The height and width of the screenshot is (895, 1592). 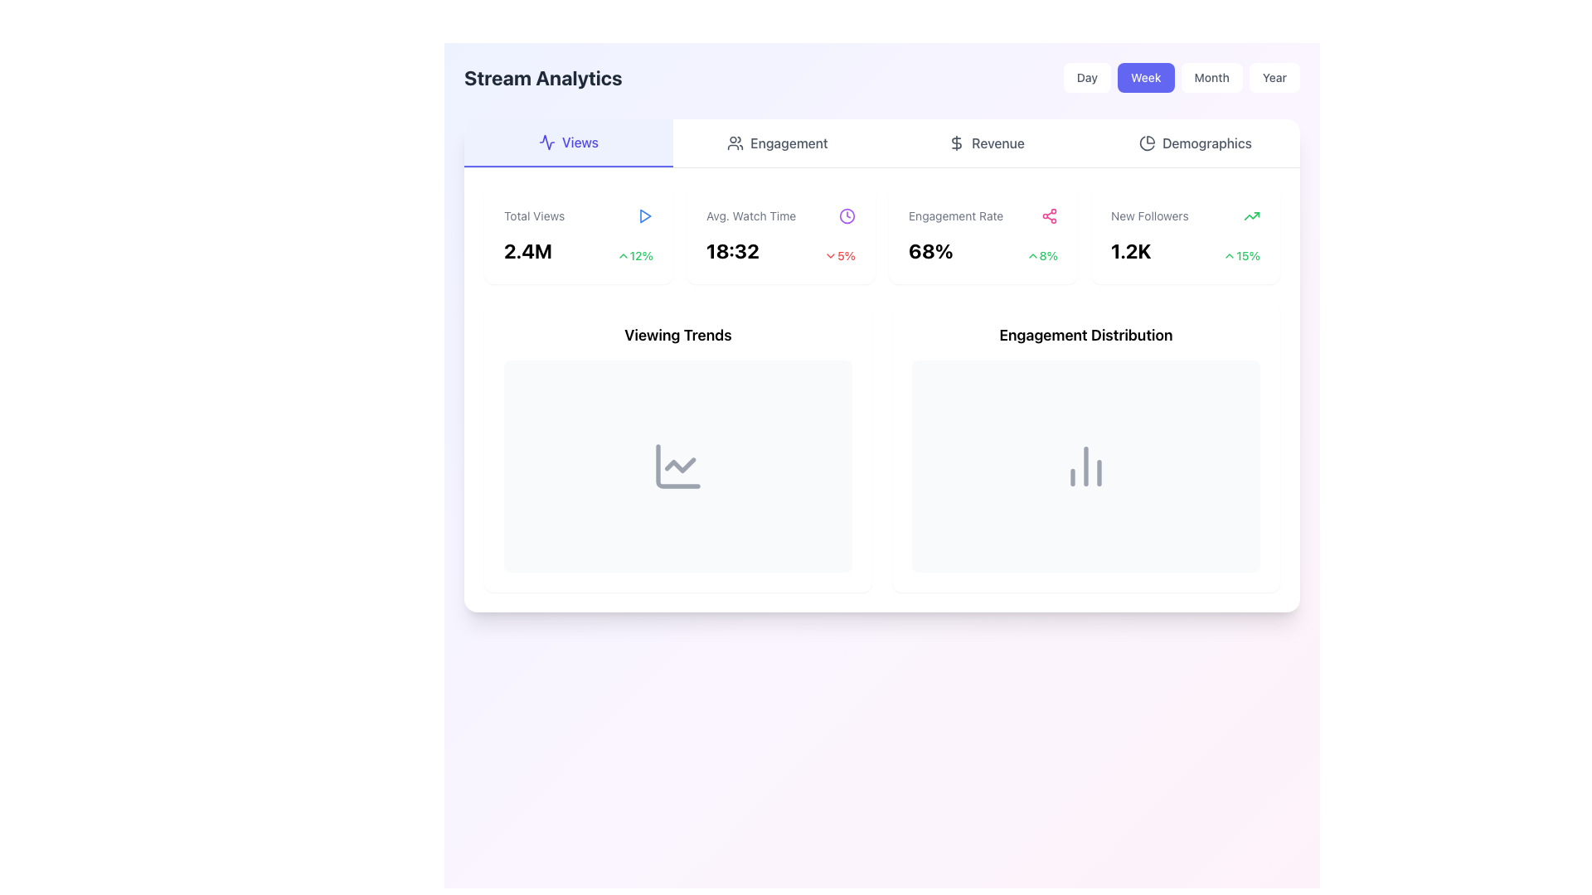 I want to click on the static text display showing '68%' in bold font within the 'Engagement Rate' section of the dashboard, so click(x=930, y=251).